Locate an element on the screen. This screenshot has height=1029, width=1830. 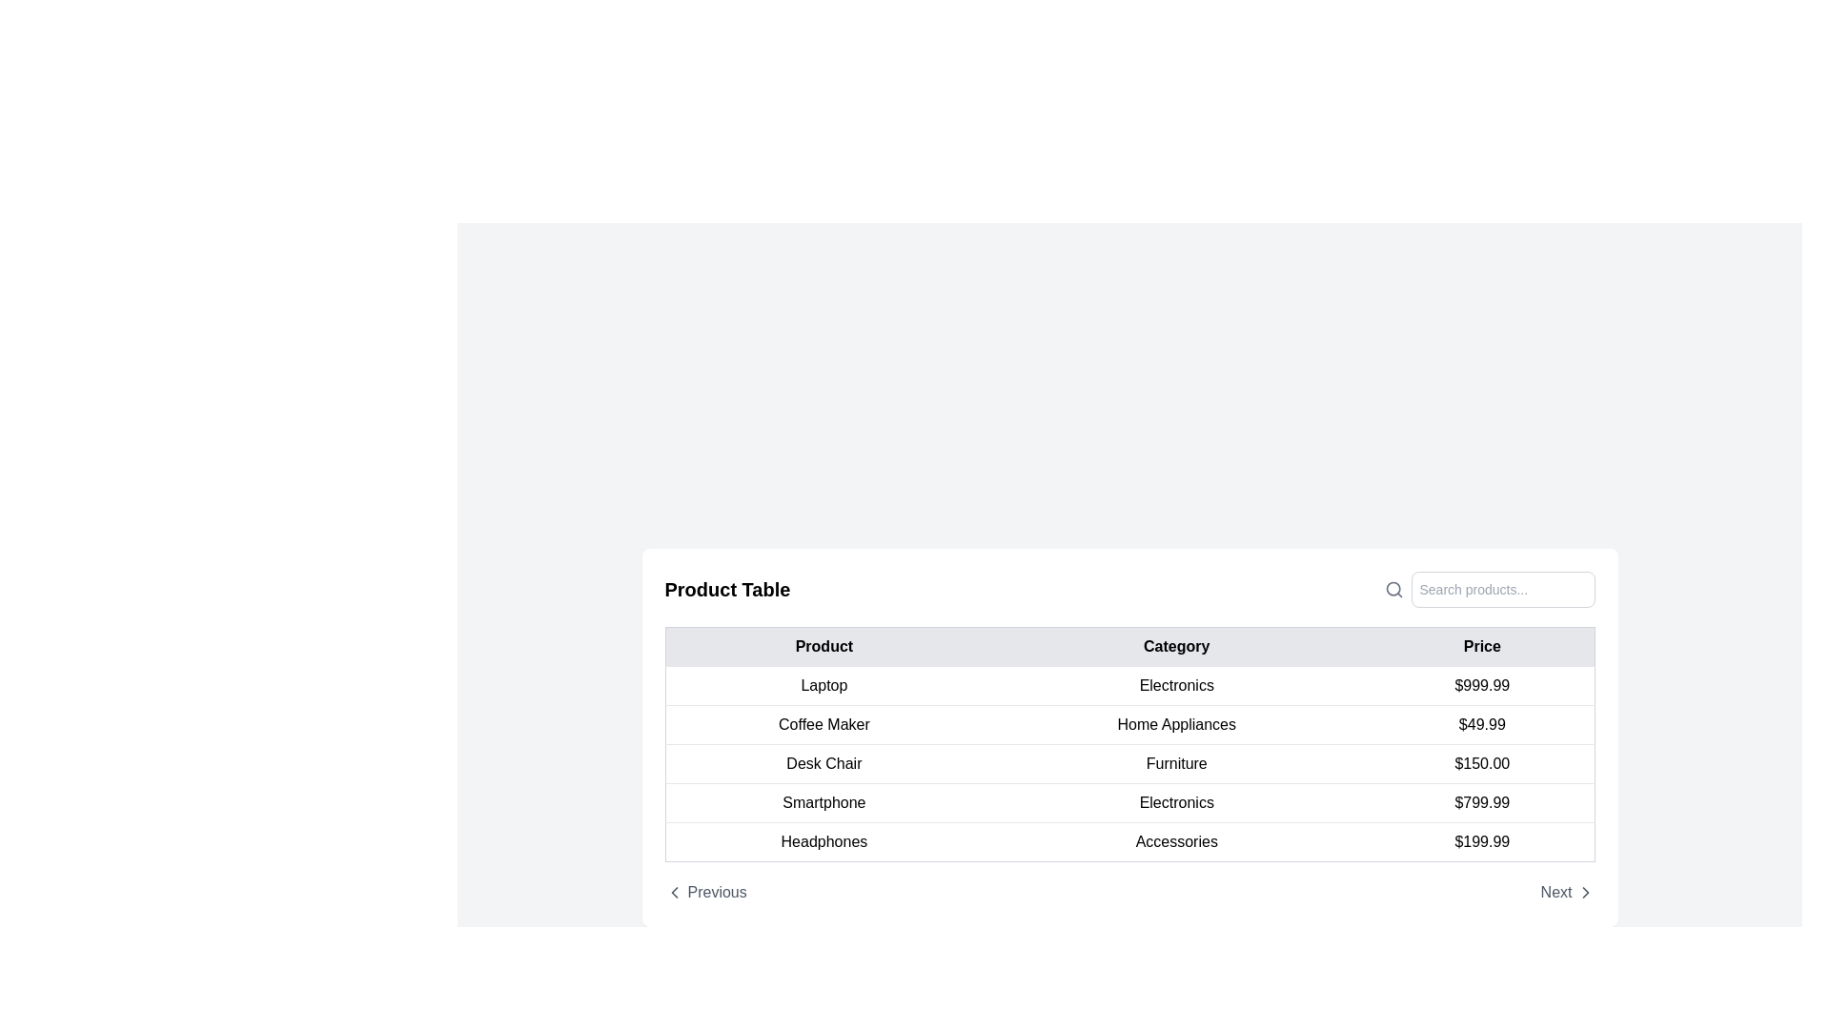
the 'Product' table header, which is the first column header of the table with a light gray background and bold black text is located at coordinates (823, 645).